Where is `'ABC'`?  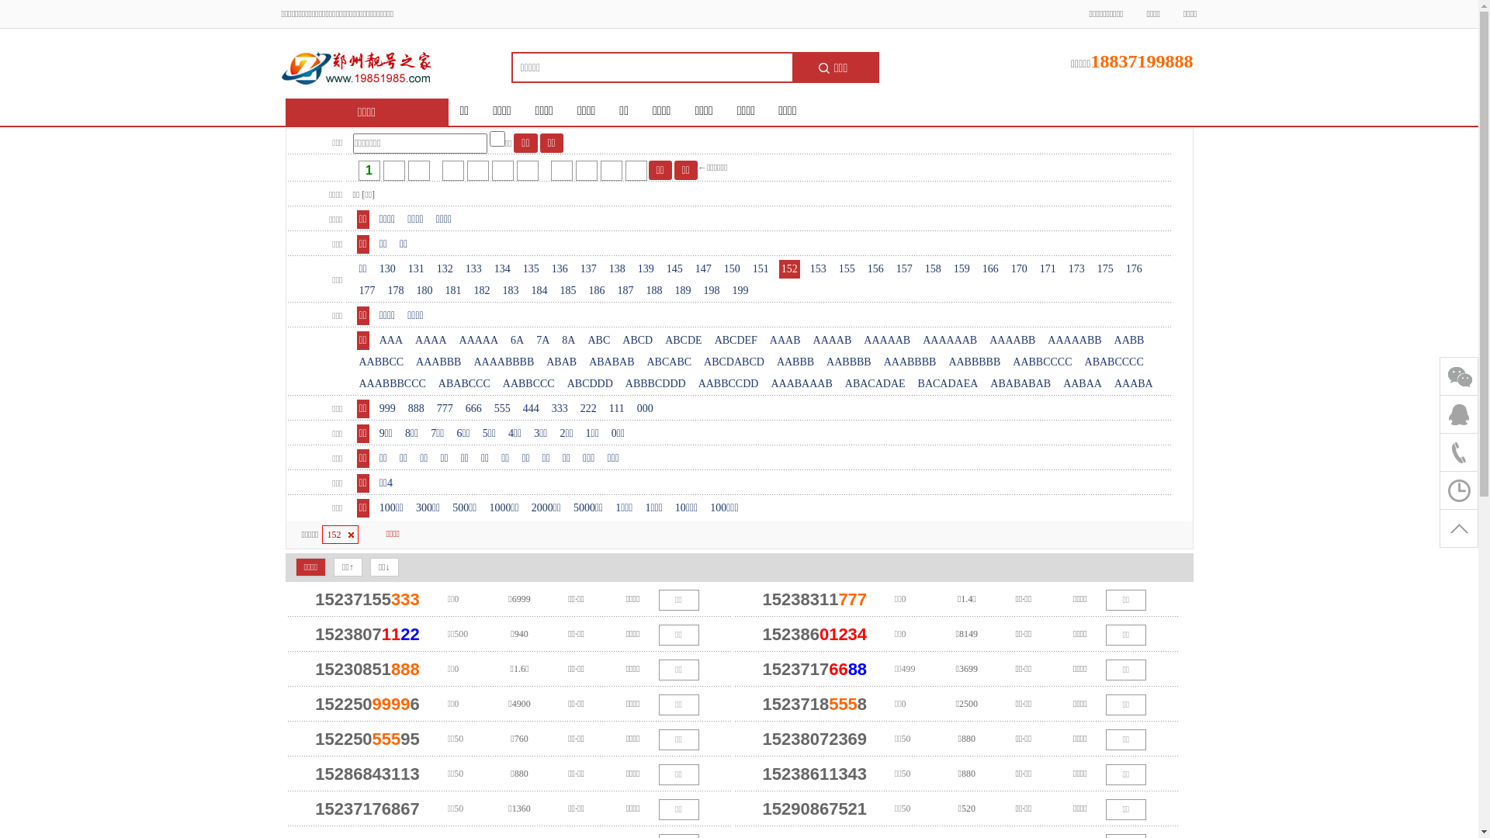
'ABC' is located at coordinates (598, 340).